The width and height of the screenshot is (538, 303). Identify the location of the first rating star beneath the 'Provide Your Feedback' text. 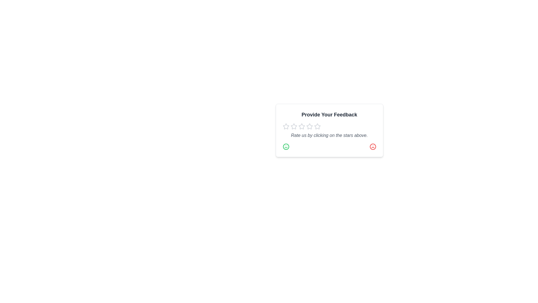
(301, 126).